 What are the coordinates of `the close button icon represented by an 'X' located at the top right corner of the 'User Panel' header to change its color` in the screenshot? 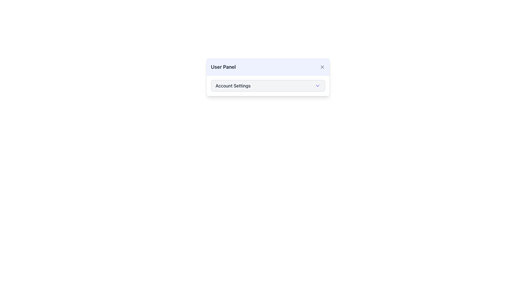 It's located at (322, 67).